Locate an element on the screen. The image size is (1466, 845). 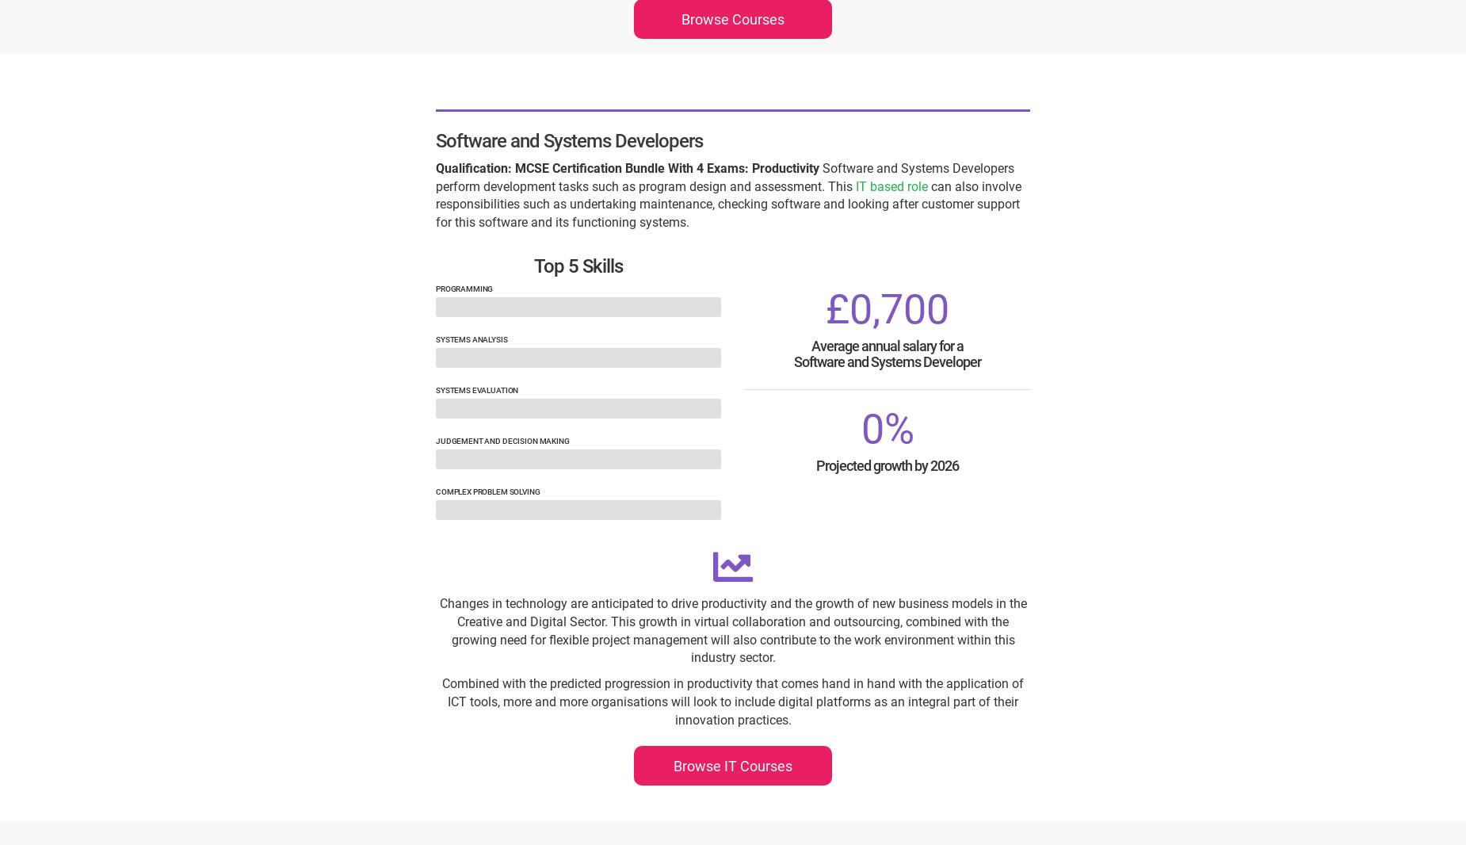
'Software and Systems Developers' is located at coordinates (569, 140).